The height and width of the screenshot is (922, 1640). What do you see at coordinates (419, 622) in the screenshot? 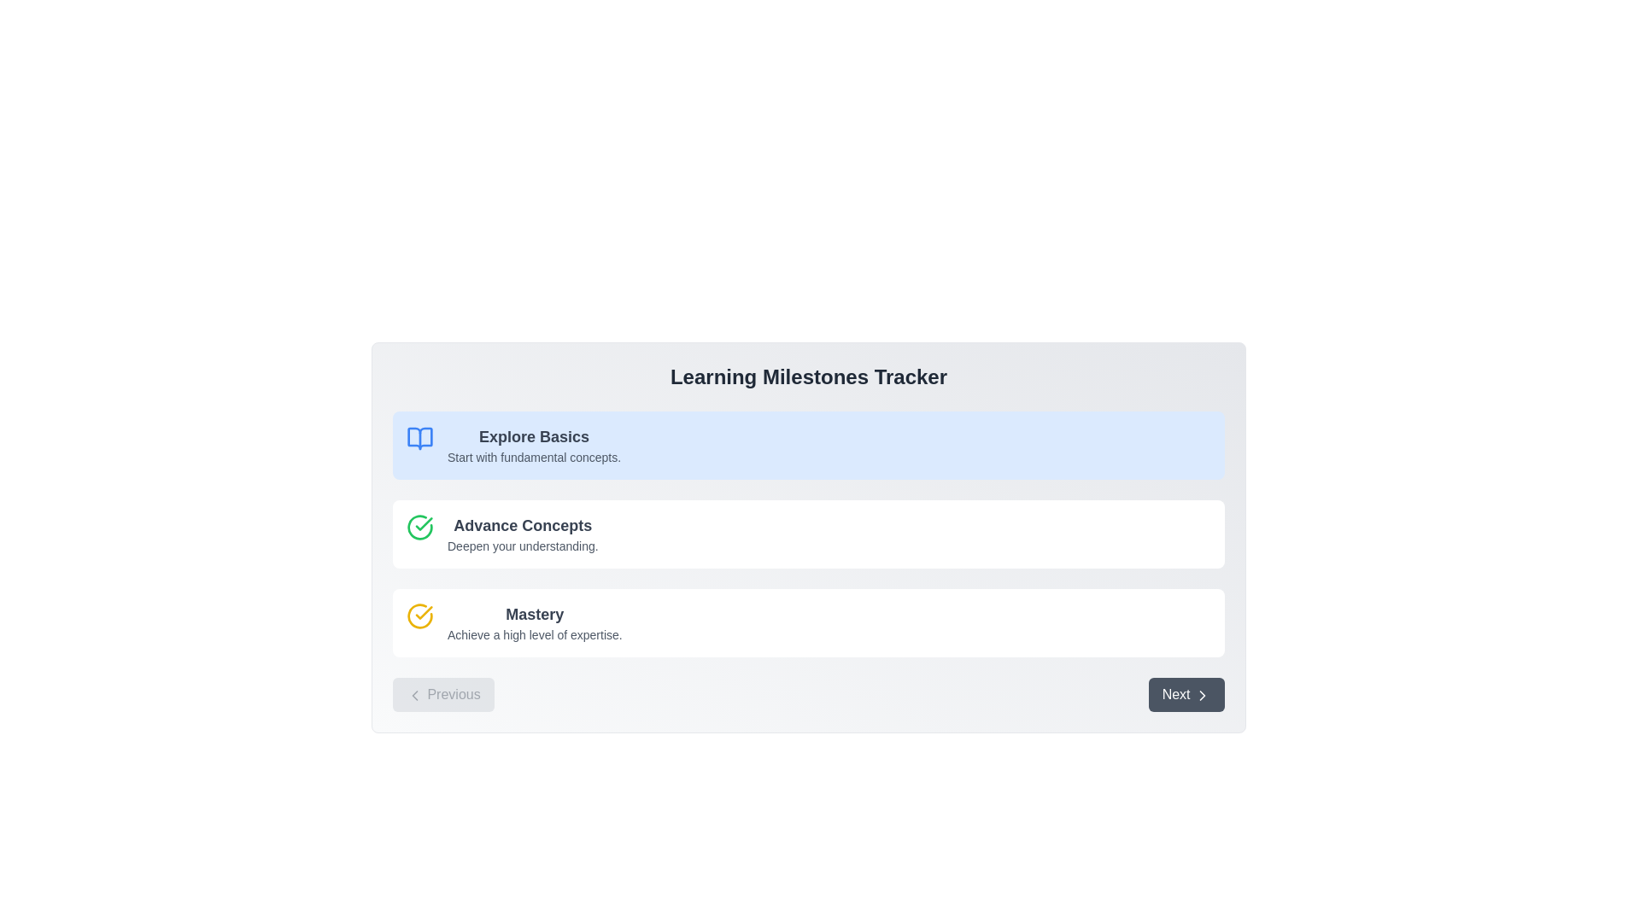
I see `the circular icon with a yellow outline and a checkmark inside, located to the left within the 'Mastery' section before the text 'Mastery' and 'Achieve a high level of expertise.'` at bounding box center [419, 622].